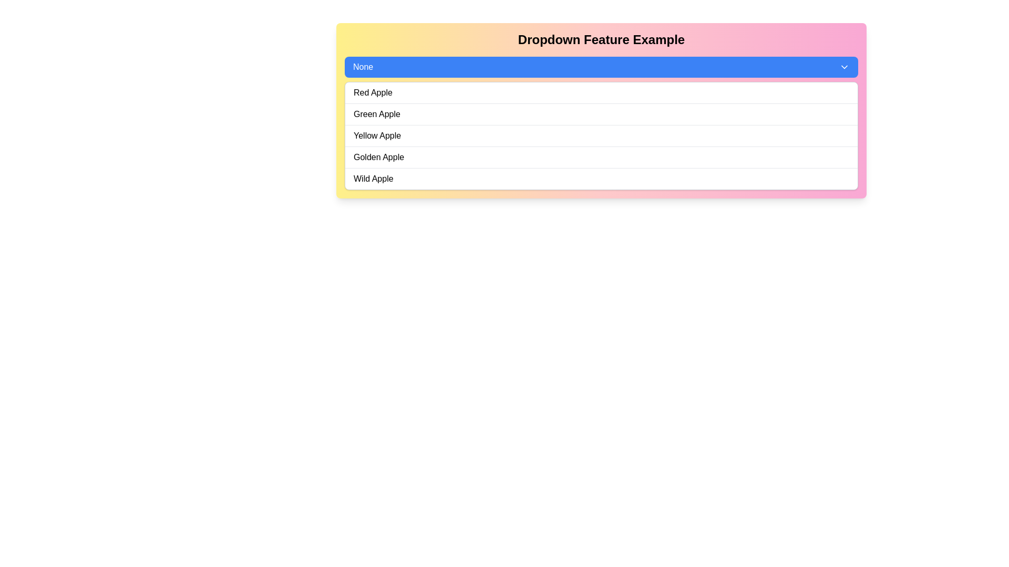  I want to click on the first item in the dropdown menu that changes the selection to 'Red Apple', so click(601, 92).